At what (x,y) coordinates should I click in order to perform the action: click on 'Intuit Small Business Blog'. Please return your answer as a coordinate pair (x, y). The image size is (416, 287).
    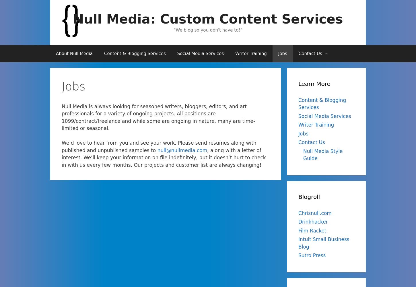
    Looking at the image, I should click on (323, 243).